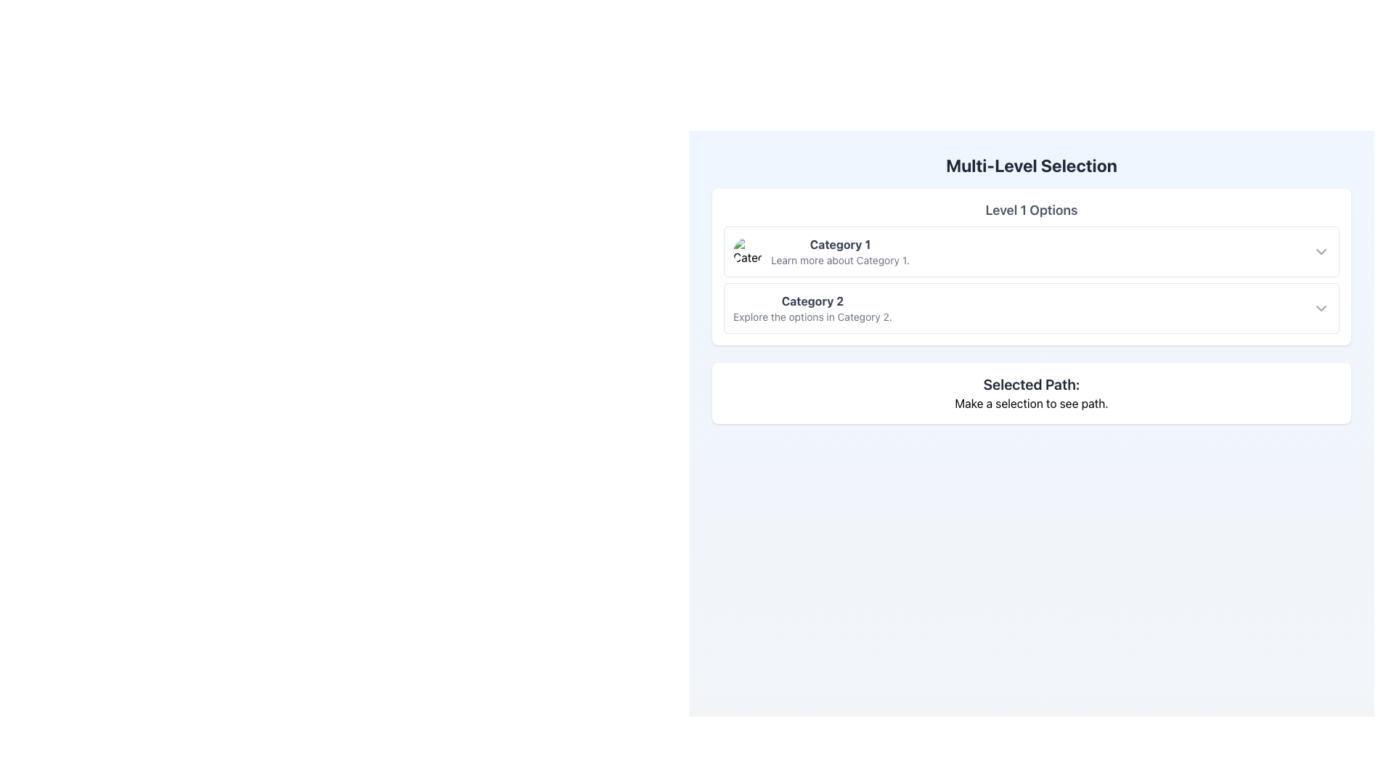  I want to click on static text element labeled 'Category 1' which is positioned in the first section of the 'Level 1 Options' column, directly to the right of an icon and above the text 'Learn more about Category 1.', so click(840, 243).